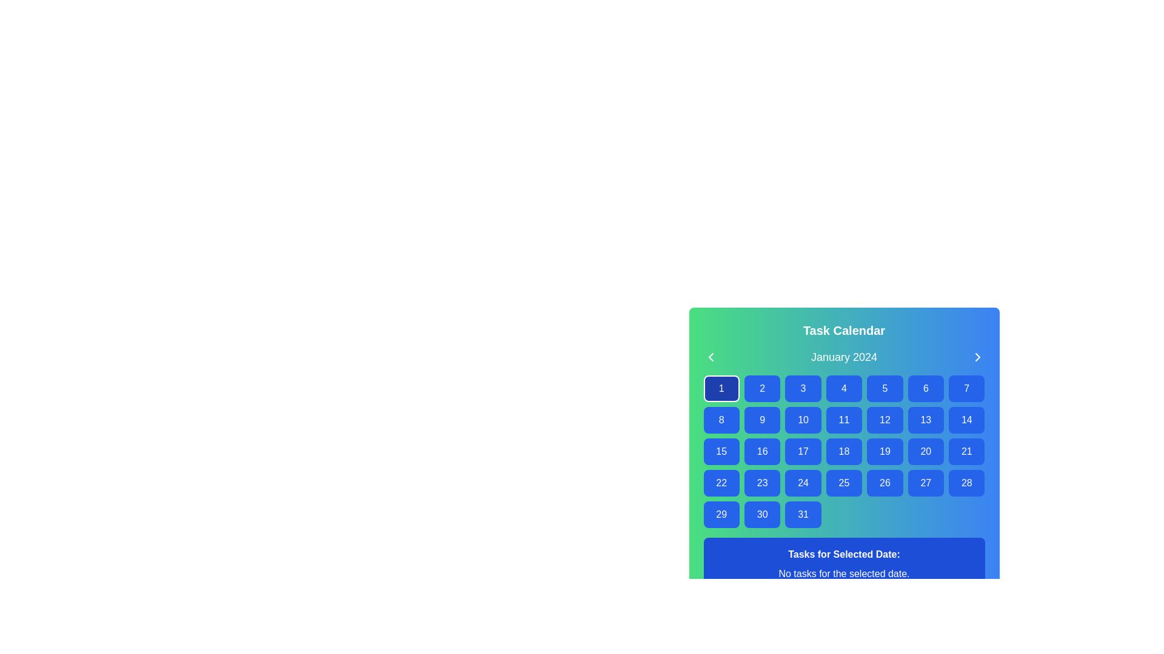 This screenshot has width=1164, height=654. Describe the element at coordinates (885, 388) in the screenshot. I see `the square blue button with the digit '5'` at that location.